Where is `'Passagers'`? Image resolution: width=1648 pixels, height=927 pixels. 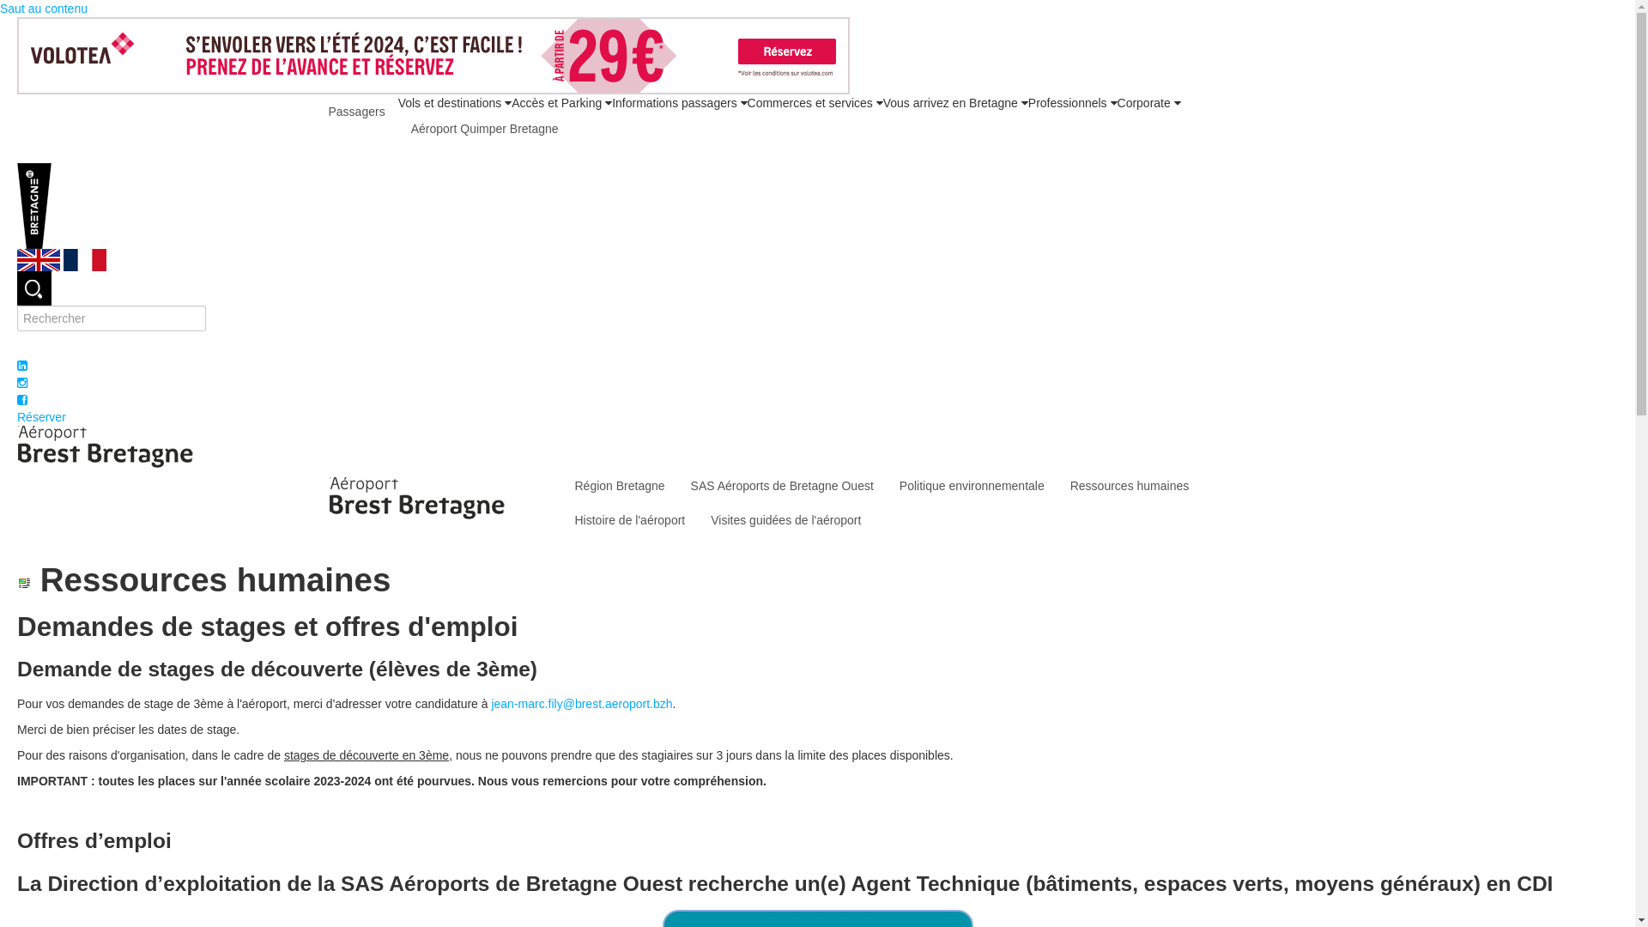 'Passagers' is located at coordinates (356, 112).